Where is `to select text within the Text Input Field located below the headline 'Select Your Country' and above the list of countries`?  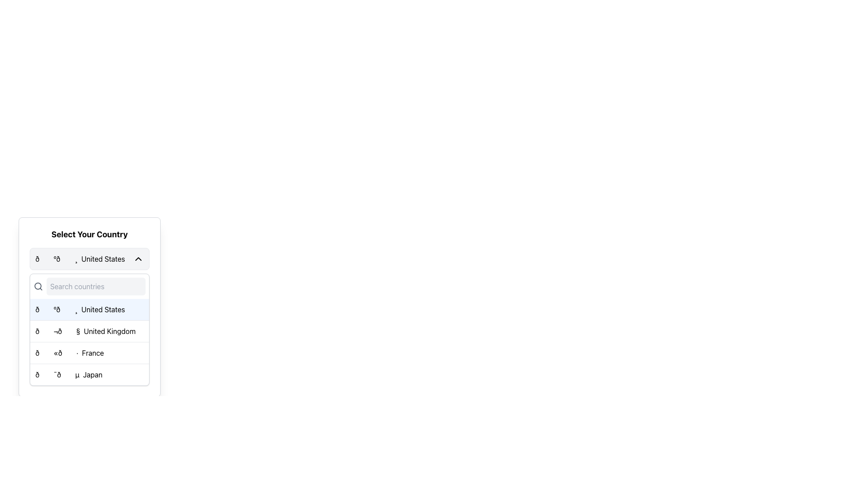
to select text within the Text Input Field located below the headline 'Select Your Country' and above the list of countries is located at coordinates (89, 286).